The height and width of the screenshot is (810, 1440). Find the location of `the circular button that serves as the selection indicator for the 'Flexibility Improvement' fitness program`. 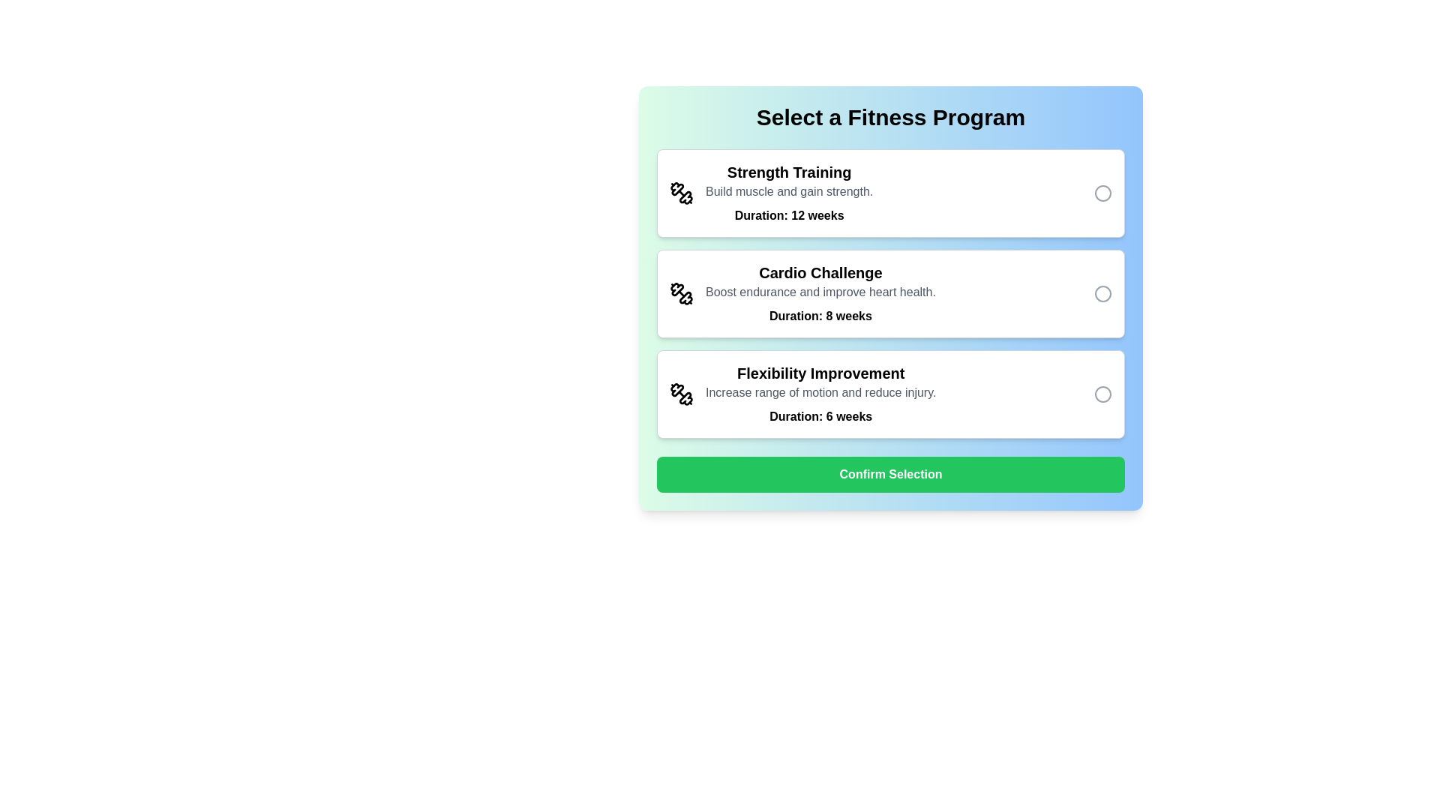

the circular button that serves as the selection indicator for the 'Flexibility Improvement' fitness program is located at coordinates (1102, 393).